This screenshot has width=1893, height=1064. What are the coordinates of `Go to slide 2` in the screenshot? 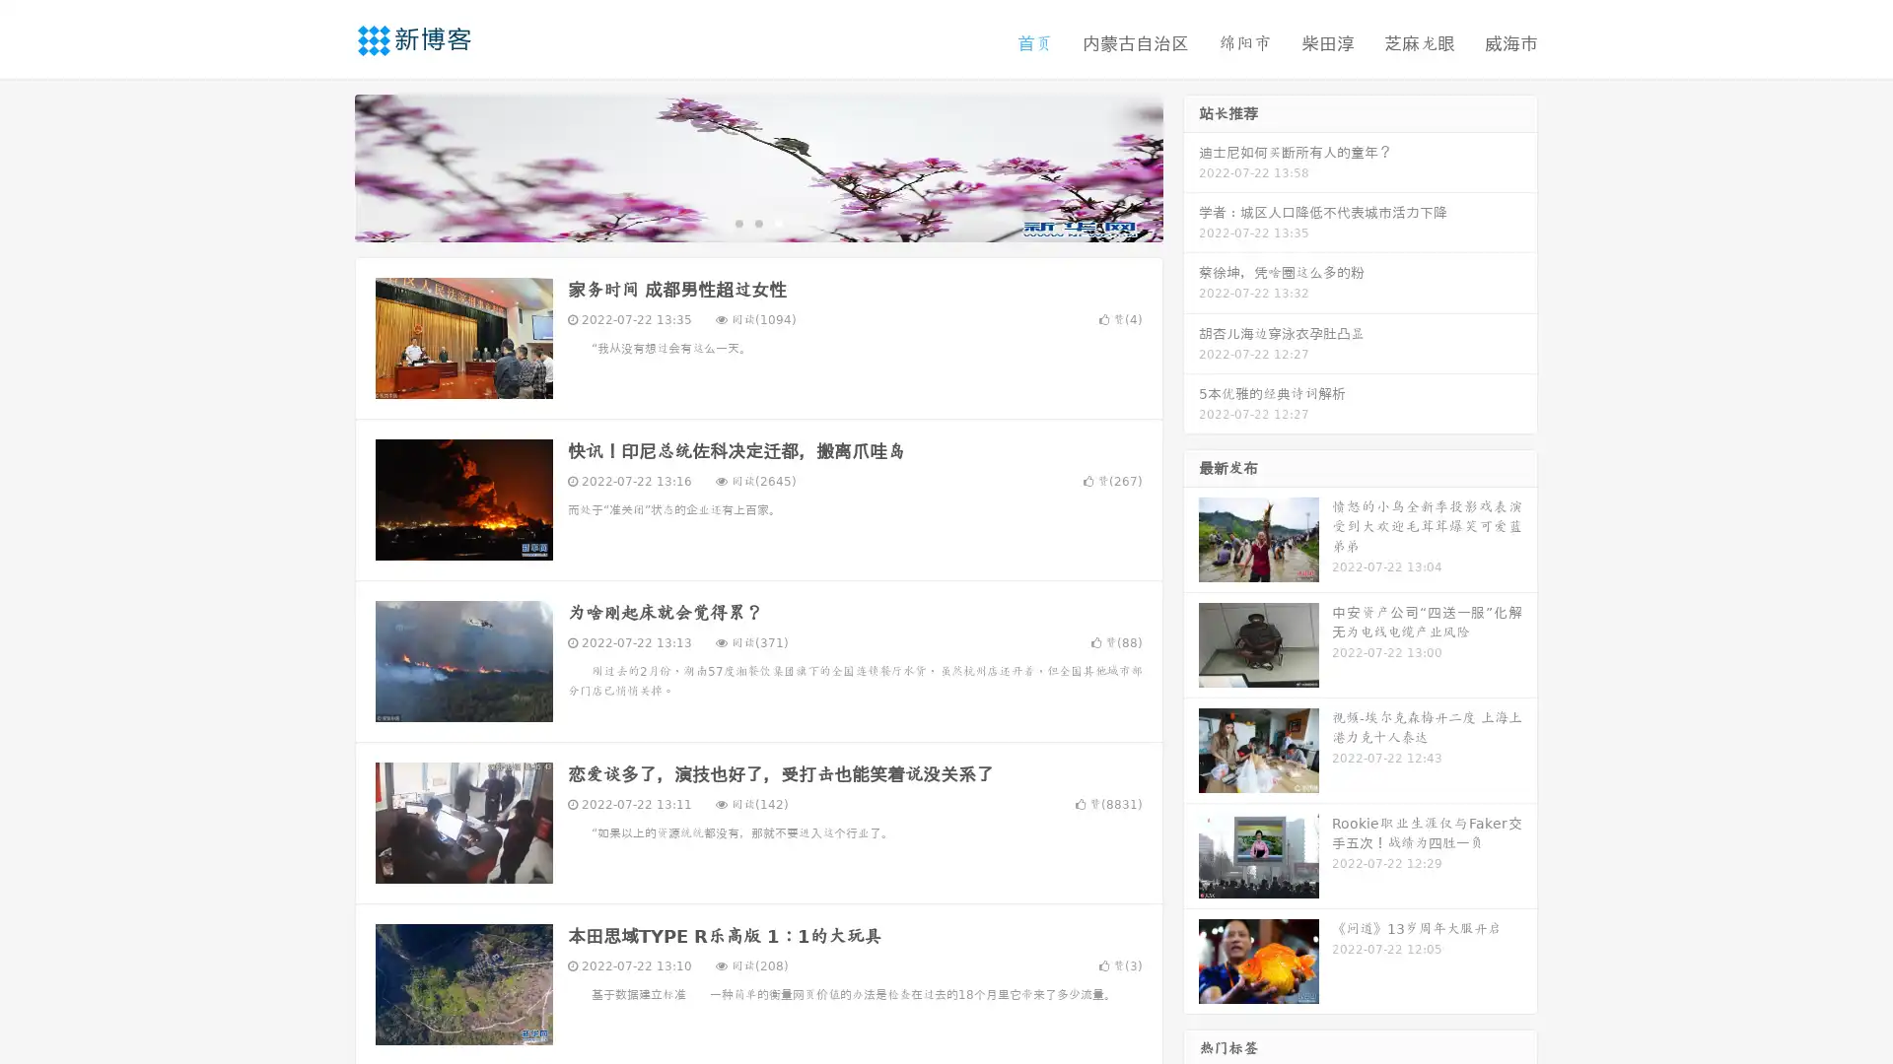 It's located at (757, 222).